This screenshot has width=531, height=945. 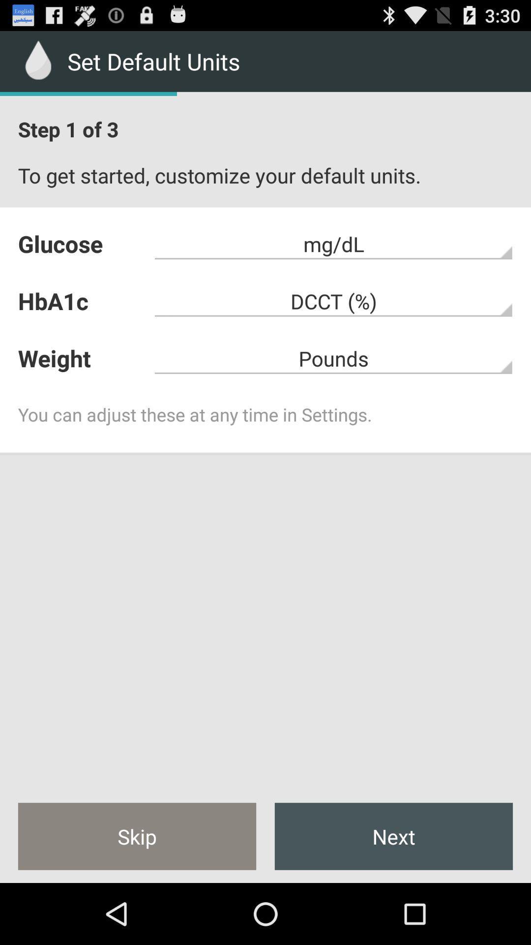 What do you see at coordinates (137, 836) in the screenshot?
I see `icon to the left of next` at bounding box center [137, 836].